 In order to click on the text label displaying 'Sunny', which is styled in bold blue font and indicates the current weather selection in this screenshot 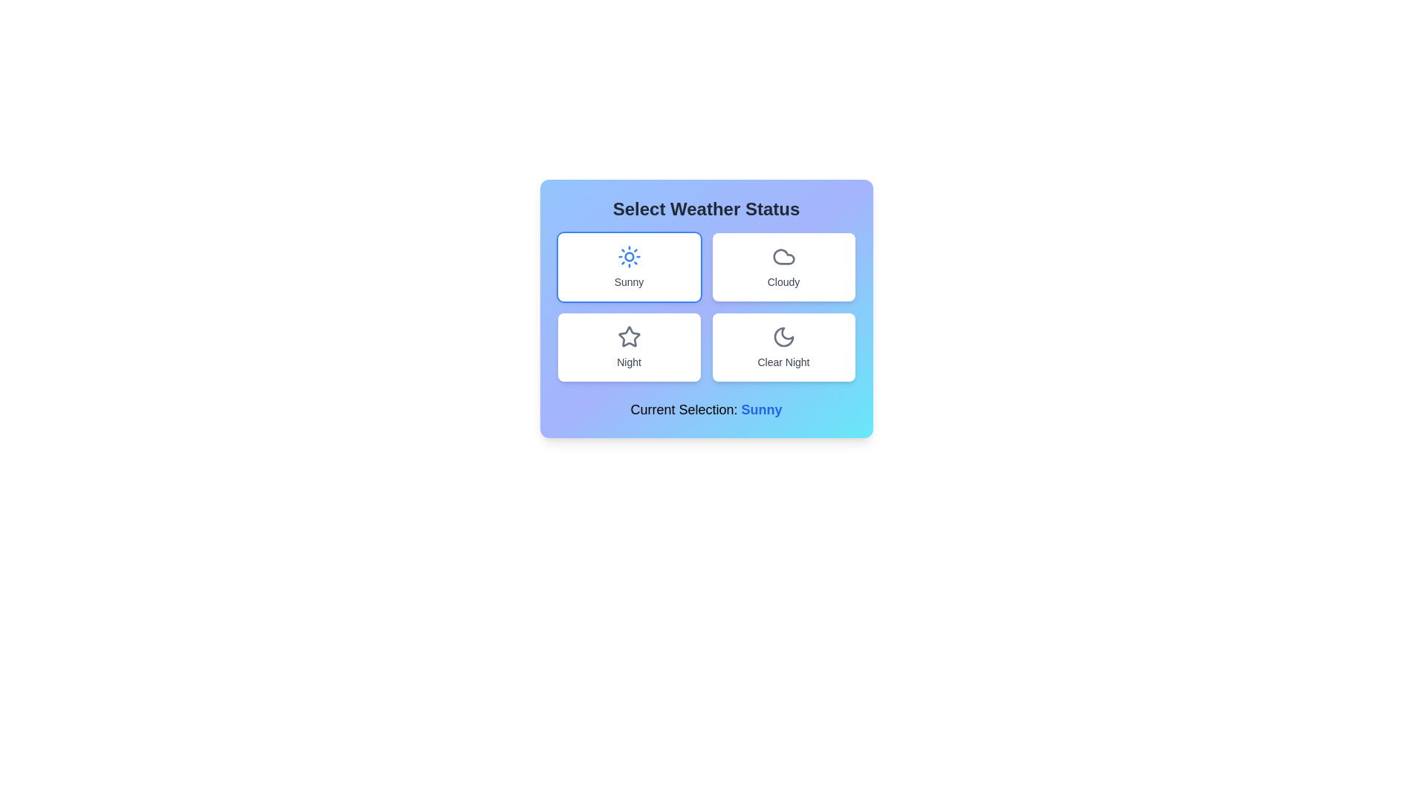, I will do `click(762, 409)`.